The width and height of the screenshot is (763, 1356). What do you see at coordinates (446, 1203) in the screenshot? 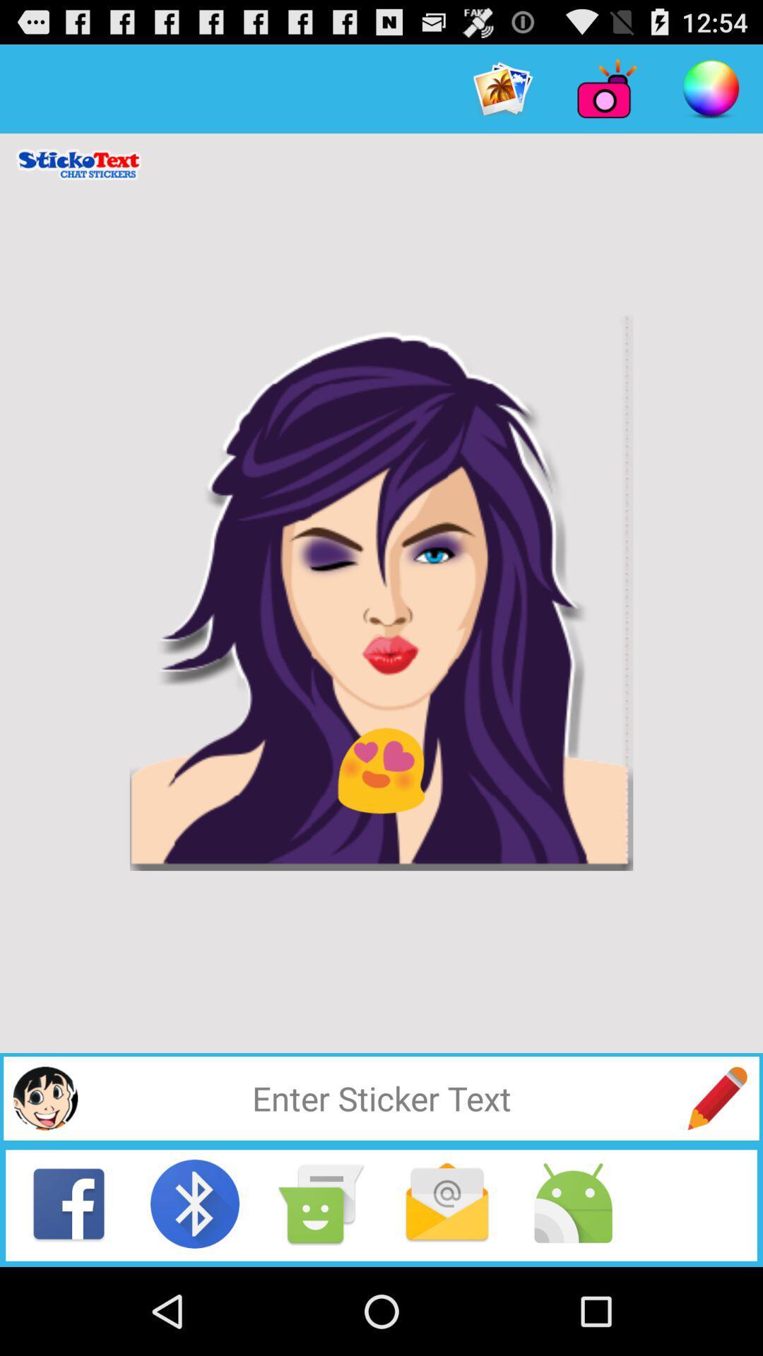
I see `the mail icon` at bounding box center [446, 1203].